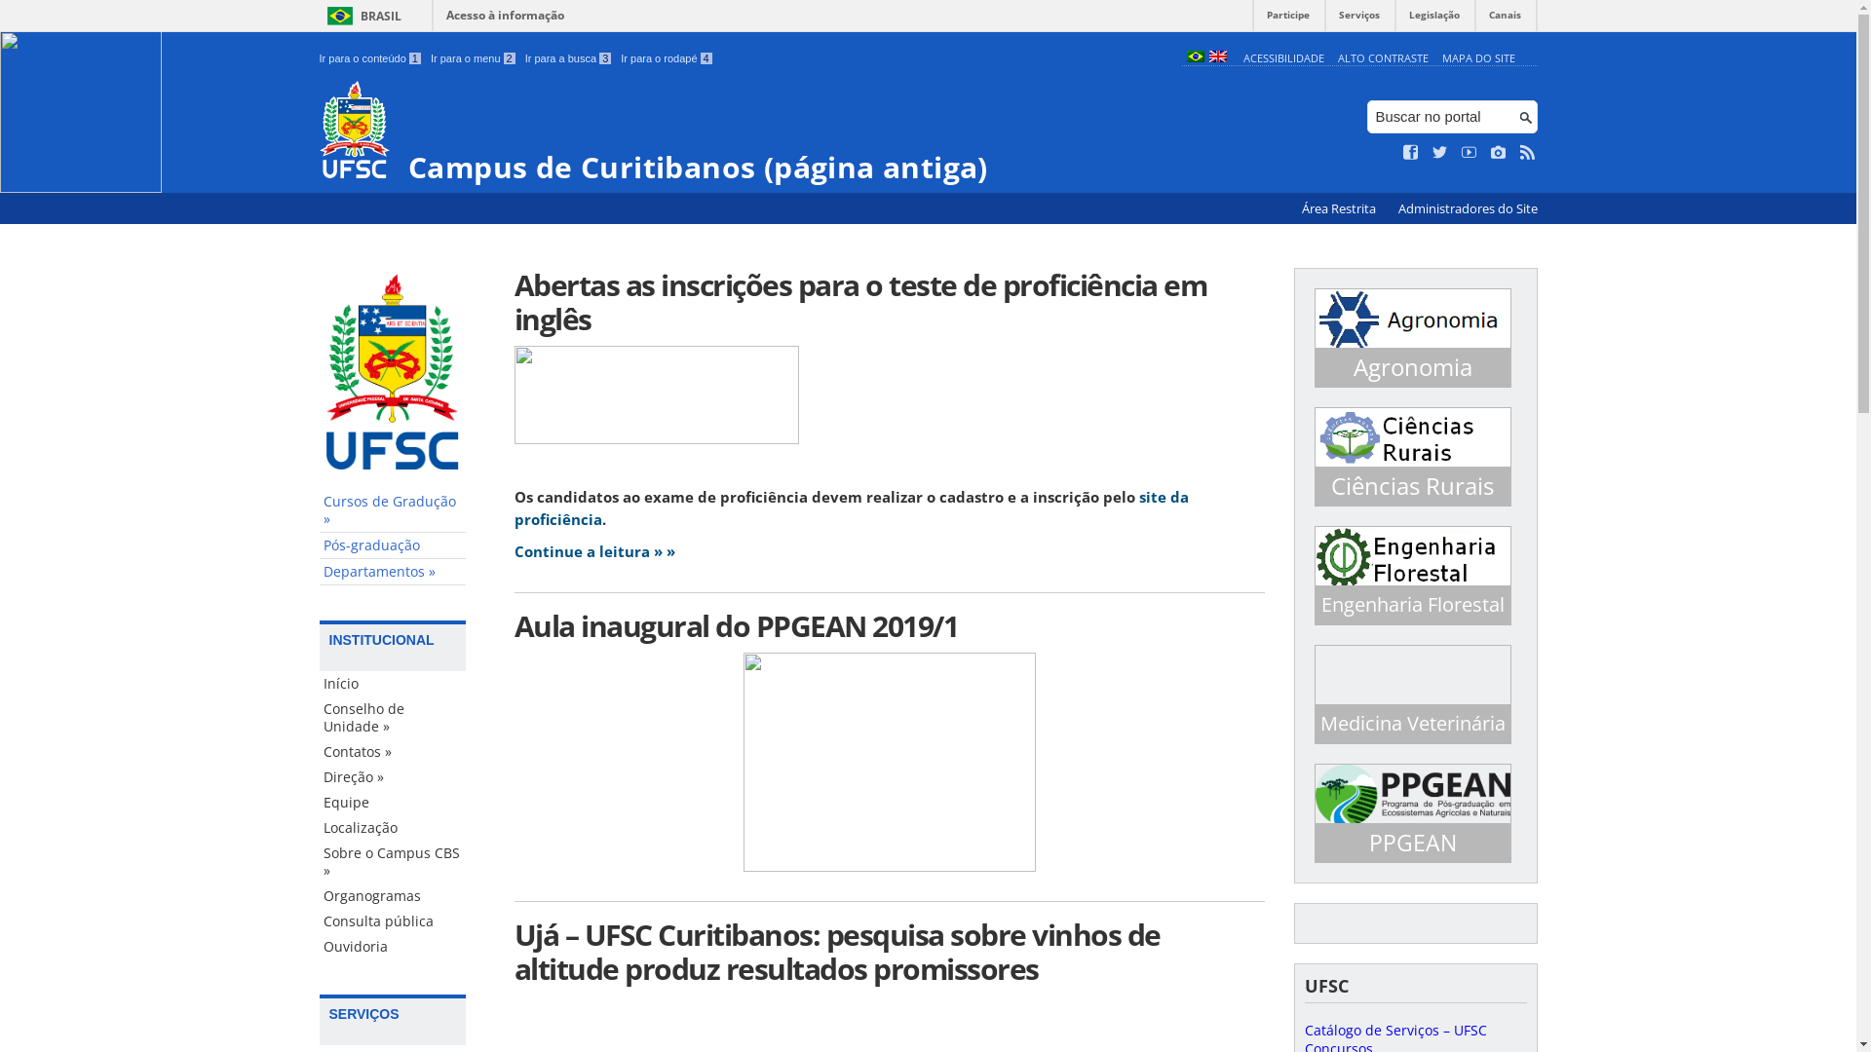 This screenshot has width=1871, height=1052. I want to click on 'Veja no Instagram', so click(1497, 152).